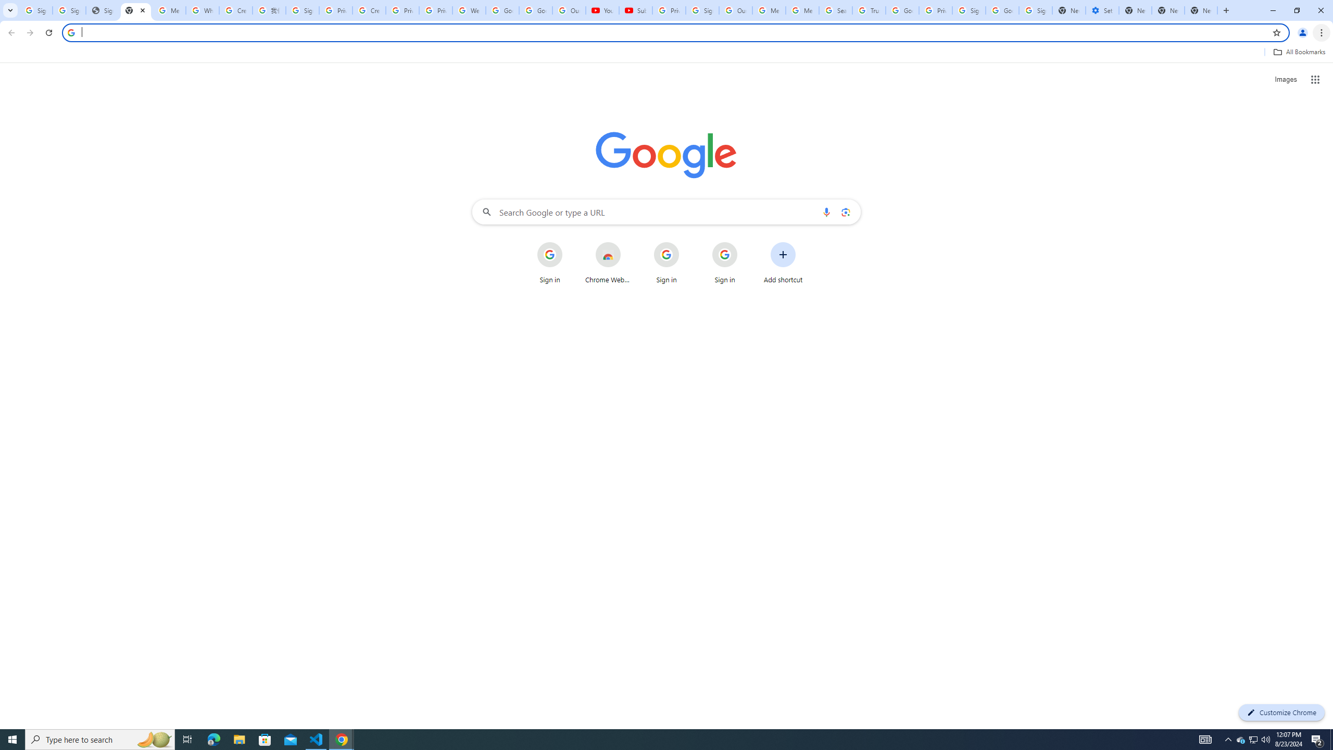 This screenshot has width=1333, height=750. I want to click on 'Sign In - USA TODAY', so click(102, 10).